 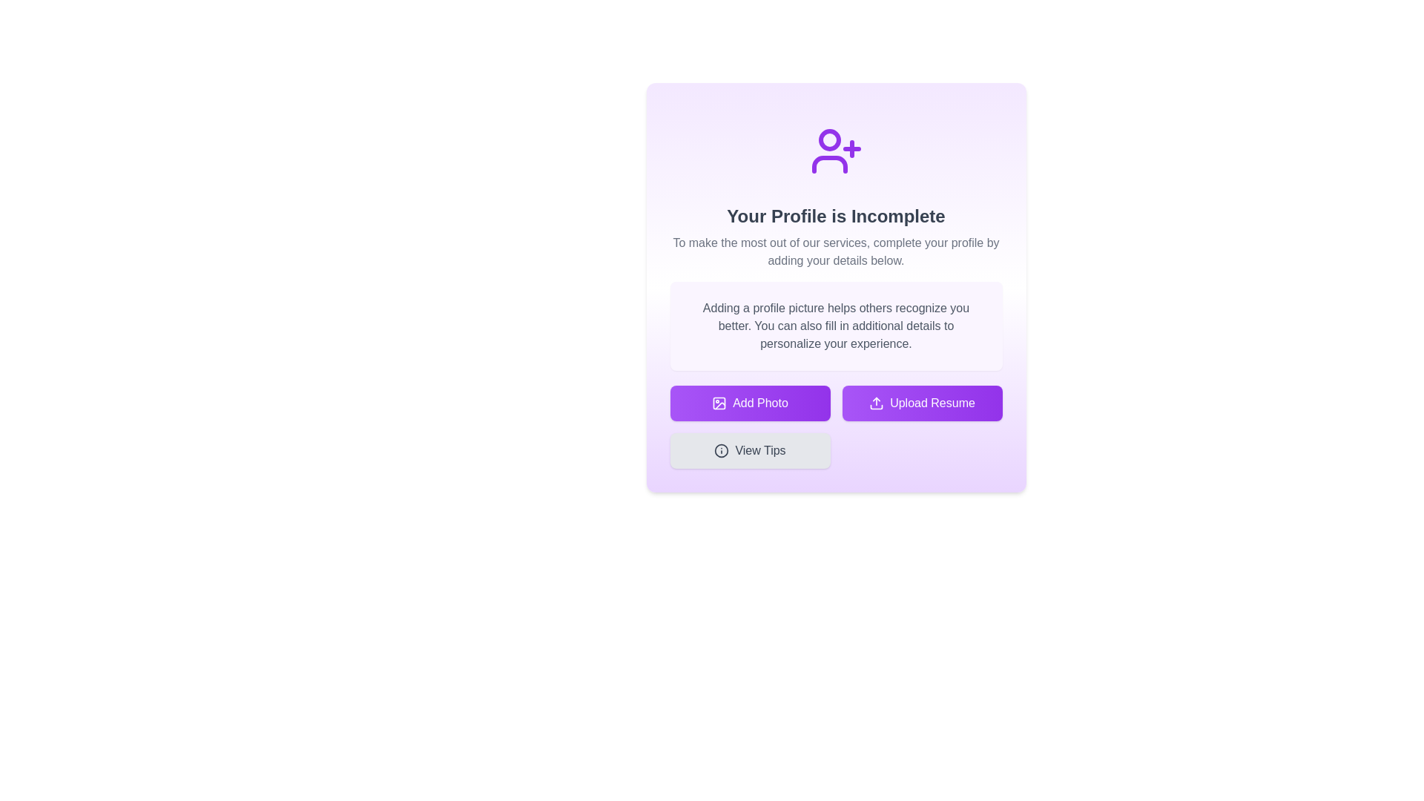 What do you see at coordinates (722, 450) in the screenshot?
I see `the grey button labeled 'View Tips' that contains the circular SVG icon on its left side` at bounding box center [722, 450].